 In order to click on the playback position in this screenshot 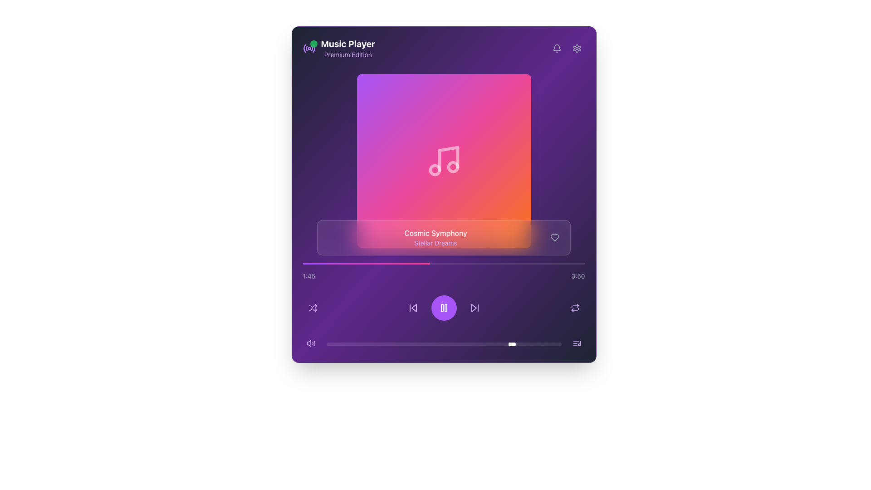, I will do `click(525, 264)`.